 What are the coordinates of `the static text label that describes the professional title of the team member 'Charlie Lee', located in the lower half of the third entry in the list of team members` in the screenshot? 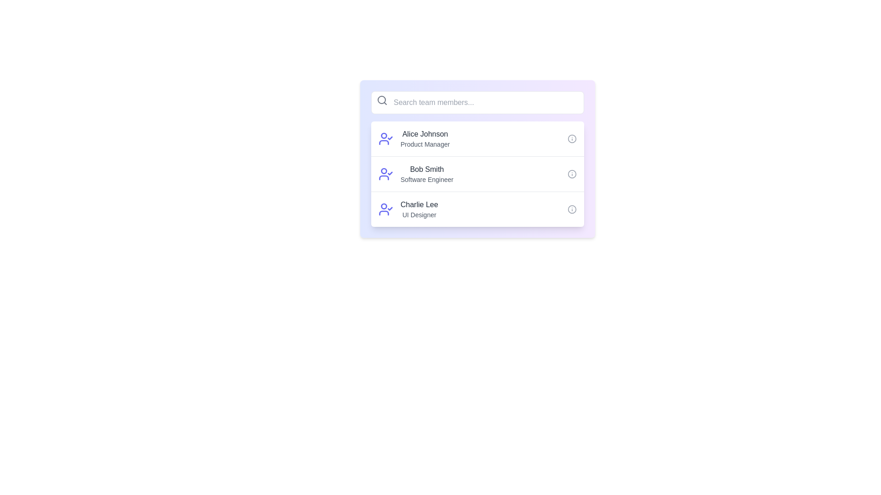 It's located at (418, 215).